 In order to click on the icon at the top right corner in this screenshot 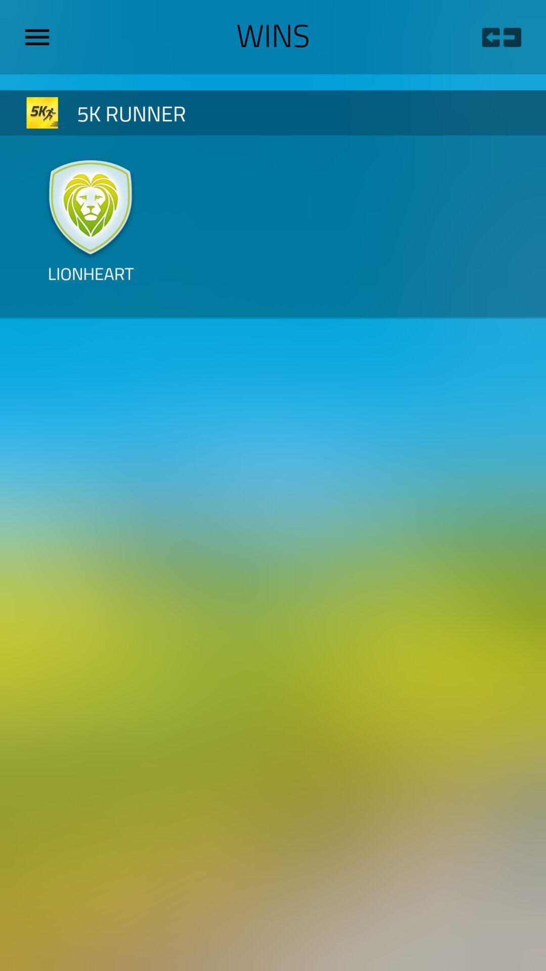, I will do `click(501, 37)`.